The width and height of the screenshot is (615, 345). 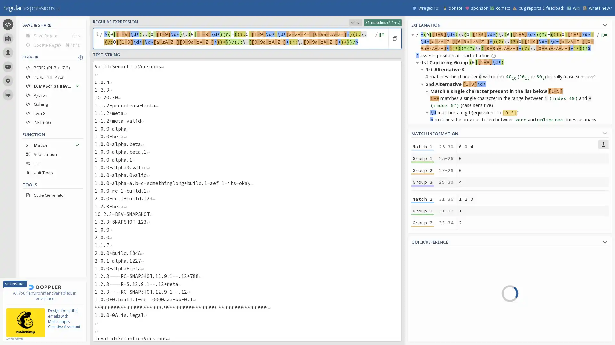 I want to click on Group 3, so click(x=422, y=287).